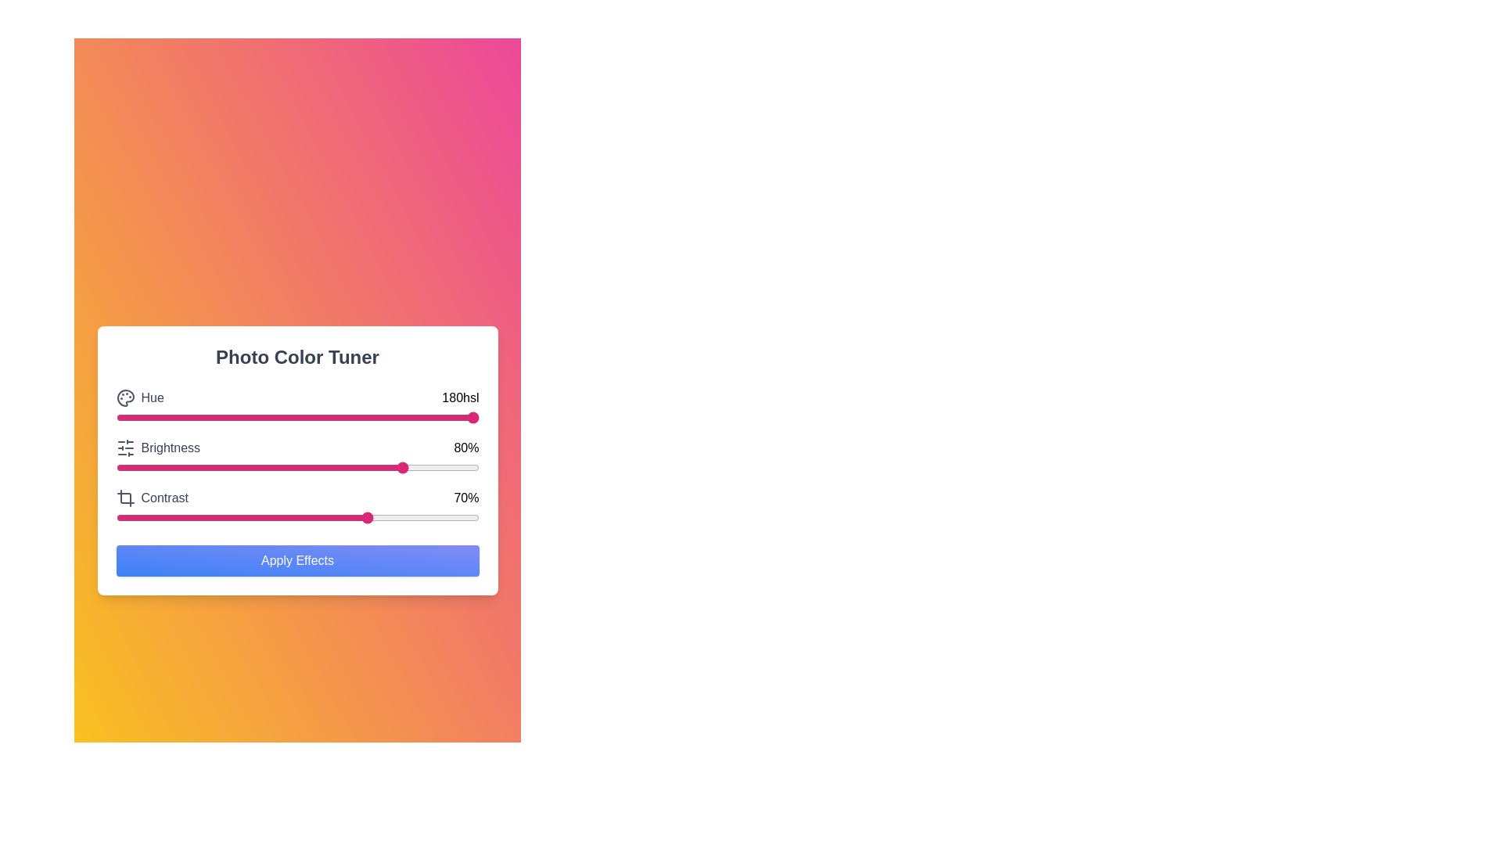  Describe the element at coordinates (152, 416) in the screenshot. I see `the hue slider to set the hue value to 10` at that location.